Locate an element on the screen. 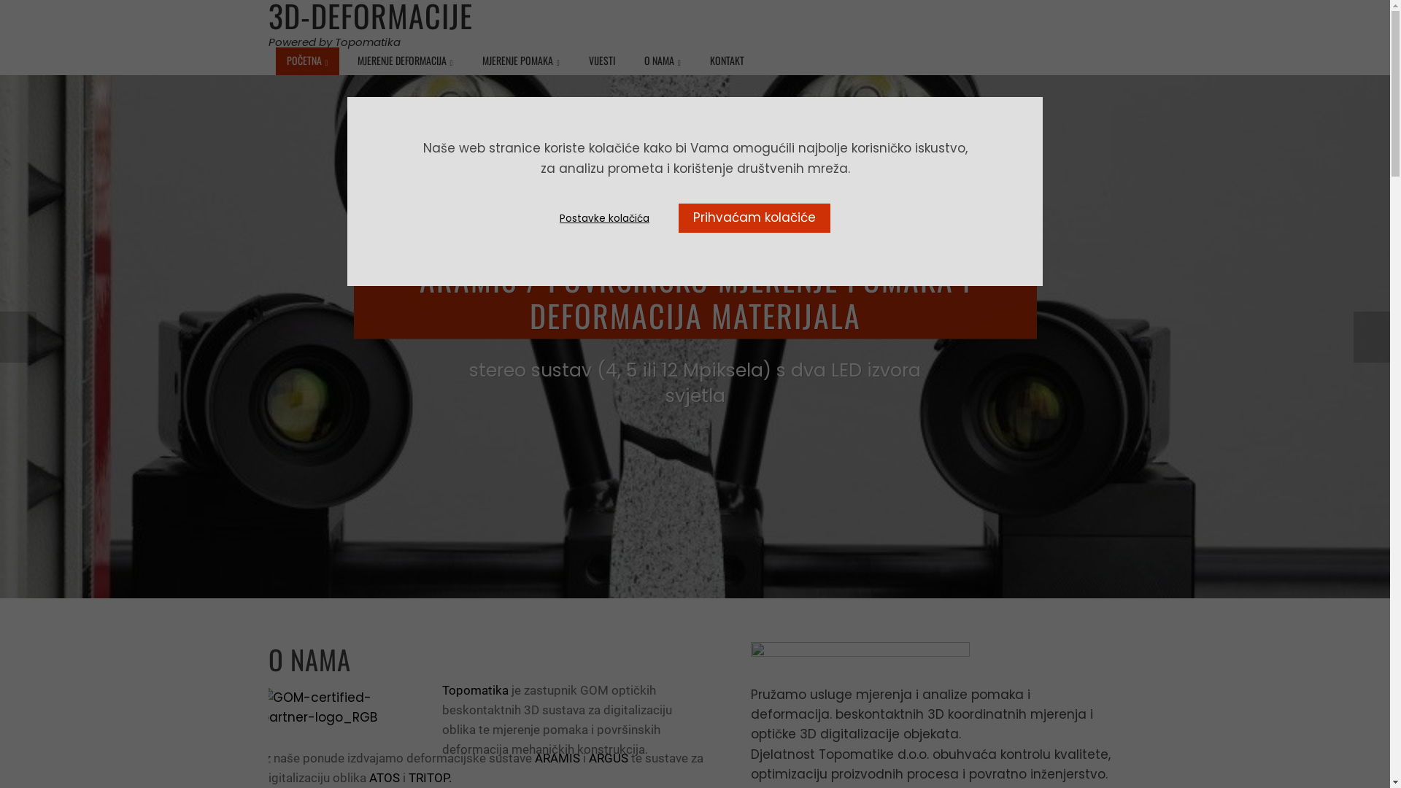 The width and height of the screenshot is (1401, 788). 'ATOS' is located at coordinates (368, 776).